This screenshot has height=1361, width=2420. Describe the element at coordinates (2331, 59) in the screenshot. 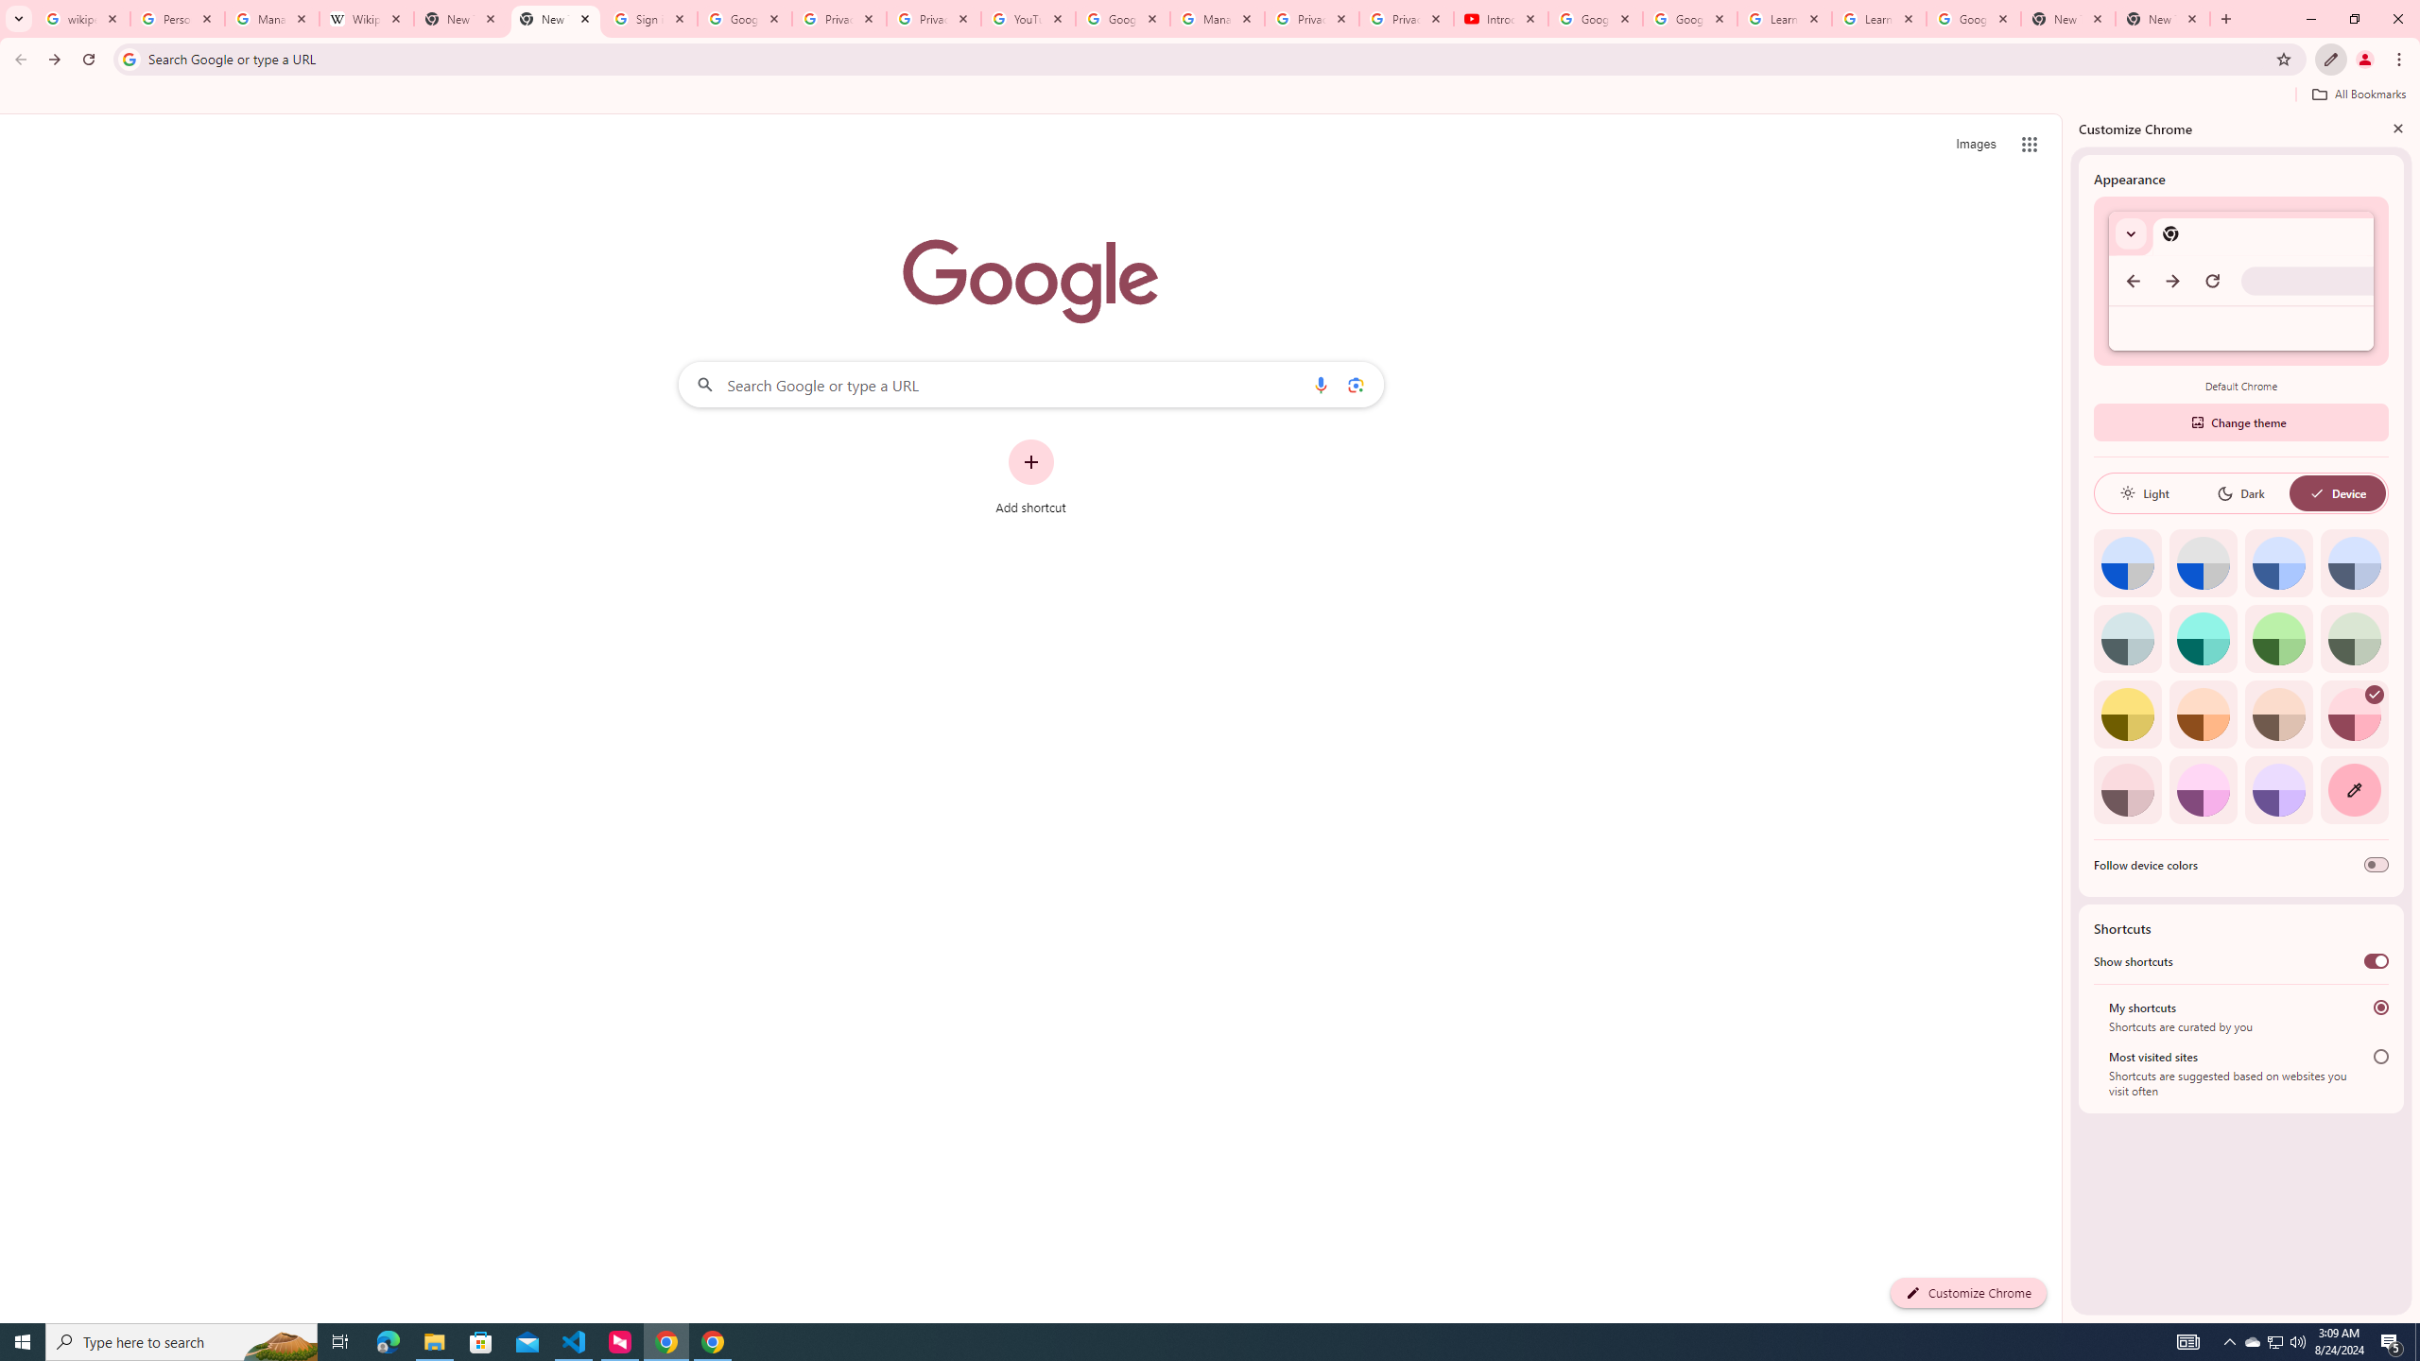

I see `'Customize Chrome'` at that location.